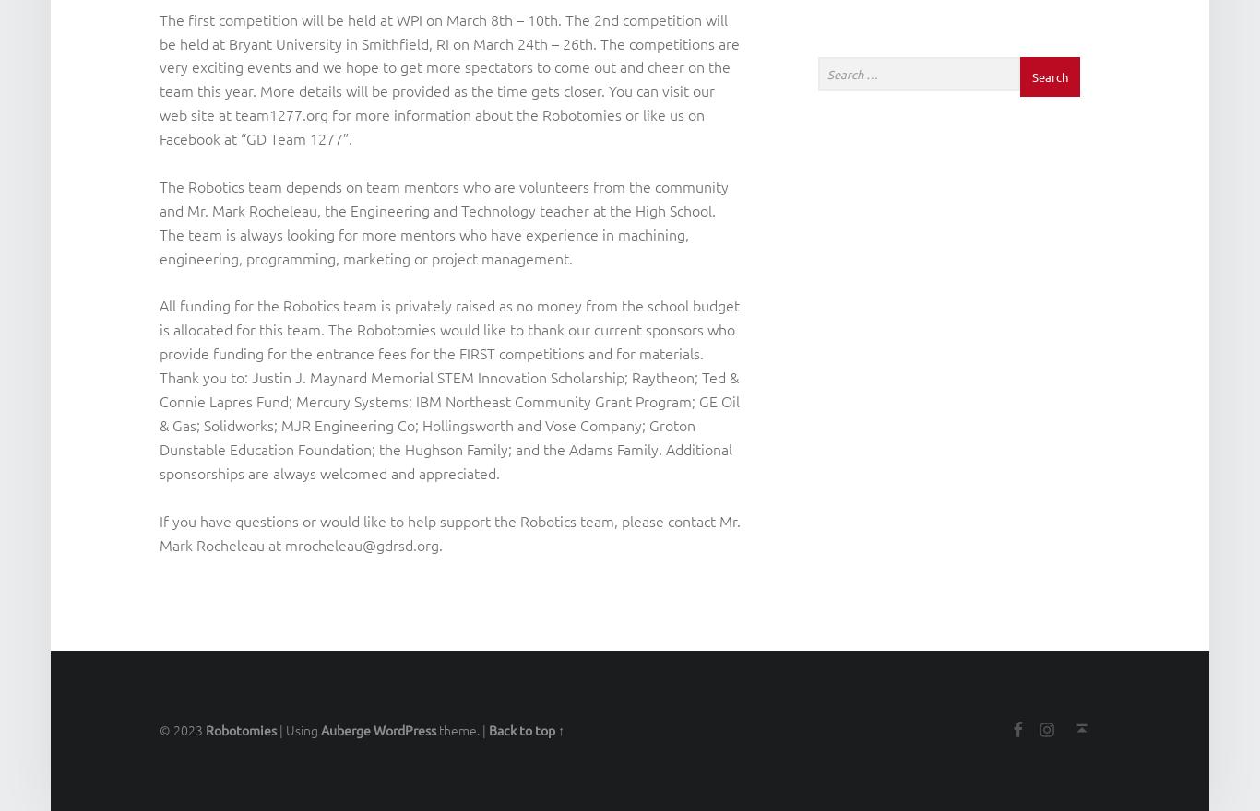 The height and width of the screenshot is (811, 1260). Describe the element at coordinates (449, 388) in the screenshot. I see `'All funding for the Robotics team is privately raised as no money from the school budget is allocated for this team. The Robotomies would like to thank our current sponsors who provide funding for the entrance fees for the FIRST competitions and for materials. Thank you to: Justin J. Maynard Memorial STEM Innovation Scholarship; Raytheon; Ted & Connie Lapres Fund; Mercury Systems; IBM Northeast Community Grant Program; GE Oil & Gas; Solidworks; MJR Engineering Co; Hollingsworth and Vose Company; Groton Dunstable Education Foundation; the Hughson Family; and the Adams Family. Additional sponsorships are always welcomed and appreciated.'` at that location.